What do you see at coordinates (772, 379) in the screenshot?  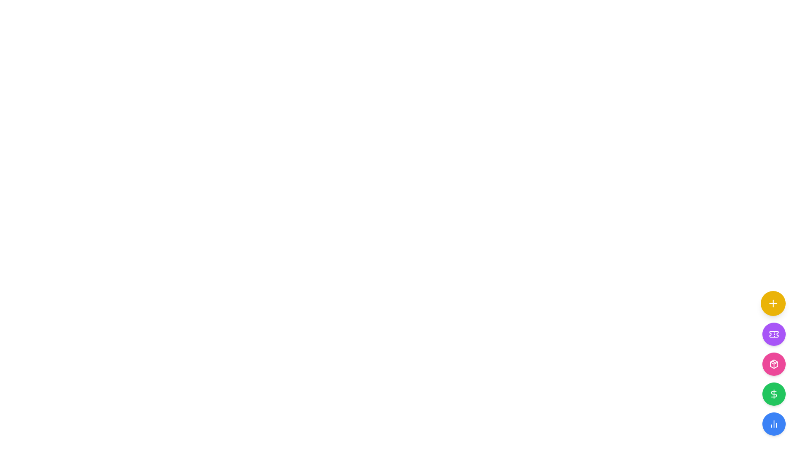 I see `the green circular button labeled 'Sales' with a dollar symbol, which is the third button in a vertical arrangement of four buttons located near the bottom-right corner of the interface` at bounding box center [772, 379].